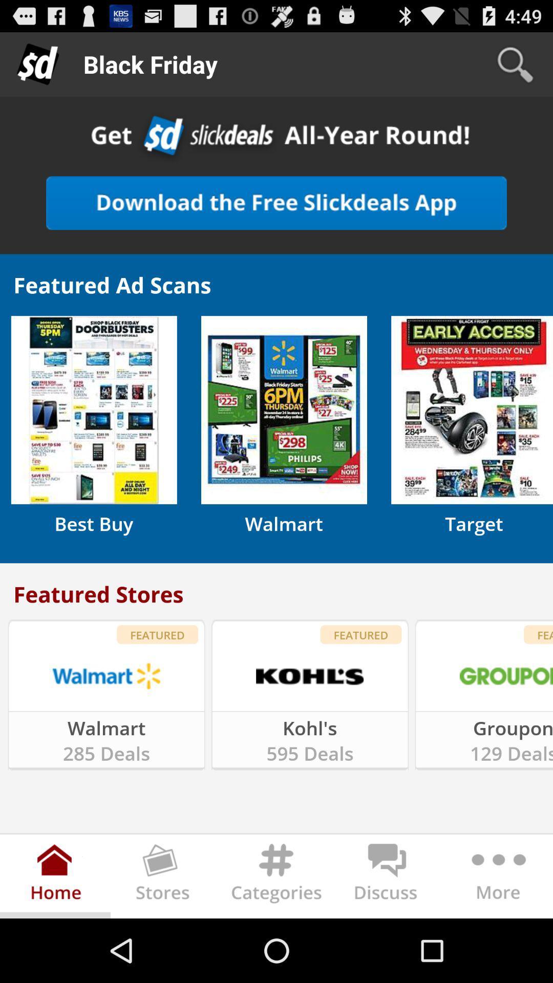 The height and width of the screenshot is (983, 553). What do you see at coordinates (276, 878) in the screenshot?
I see `click on categories` at bounding box center [276, 878].